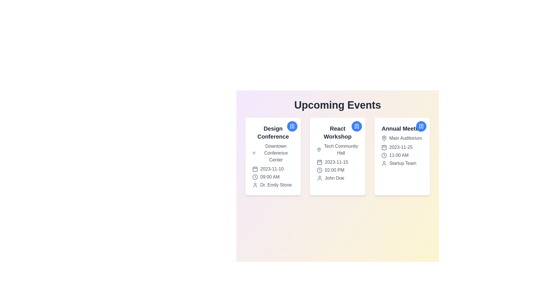 Image resolution: width=548 pixels, height=308 pixels. Describe the element at coordinates (292, 126) in the screenshot. I see `the circular blue button with a white bookmark icon located at the top-right corner of the 'Design Conference' card` at that location.